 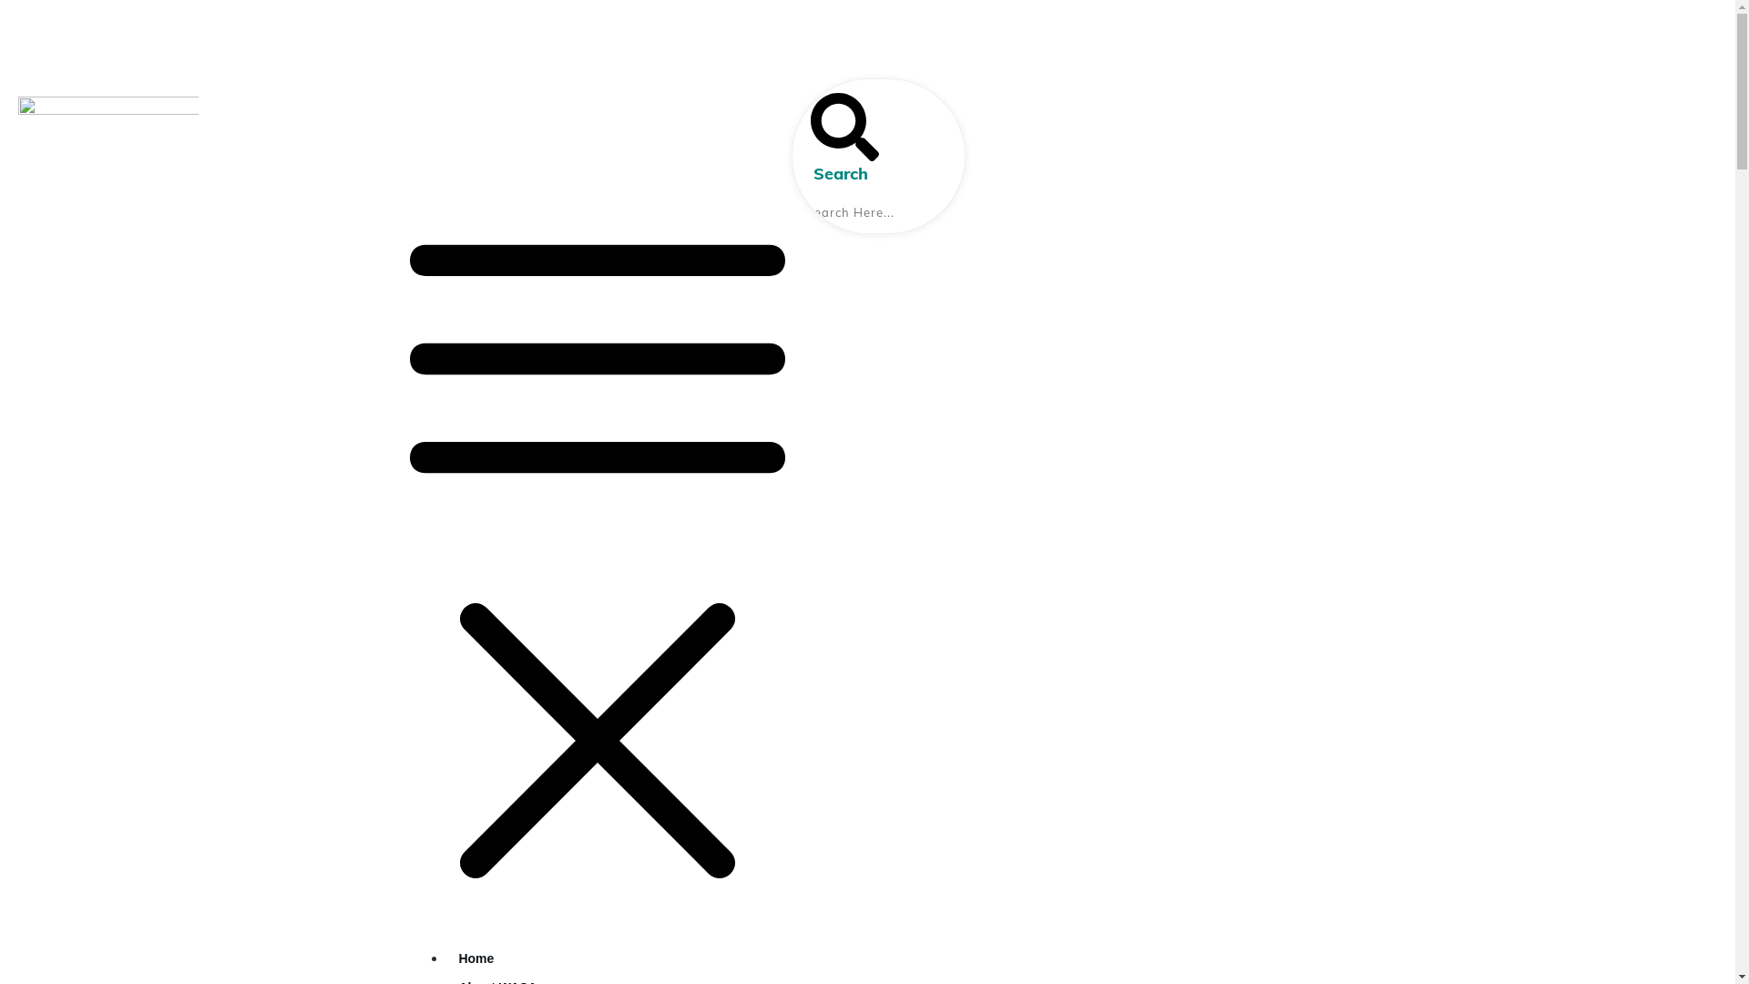 What do you see at coordinates (476, 958) in the screenshot?
I see `'Home'` at bounding box center [476, 958].